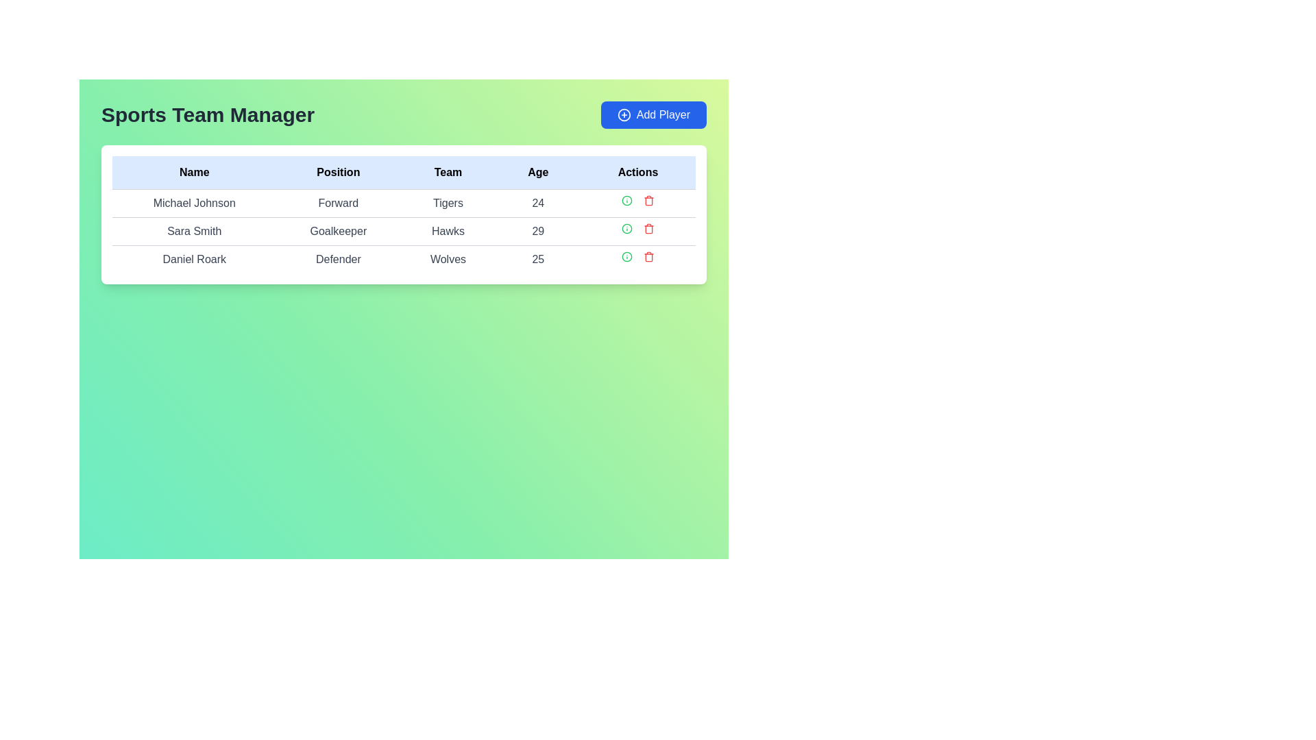 The image size is (1316, 740). Describe the element at coordinates (626, 201) in the screenshot. I see `the outer circle of the 'info' icon located in the second row of the table associated with 'Sara Smith' in the 'Actions' column` at that location.